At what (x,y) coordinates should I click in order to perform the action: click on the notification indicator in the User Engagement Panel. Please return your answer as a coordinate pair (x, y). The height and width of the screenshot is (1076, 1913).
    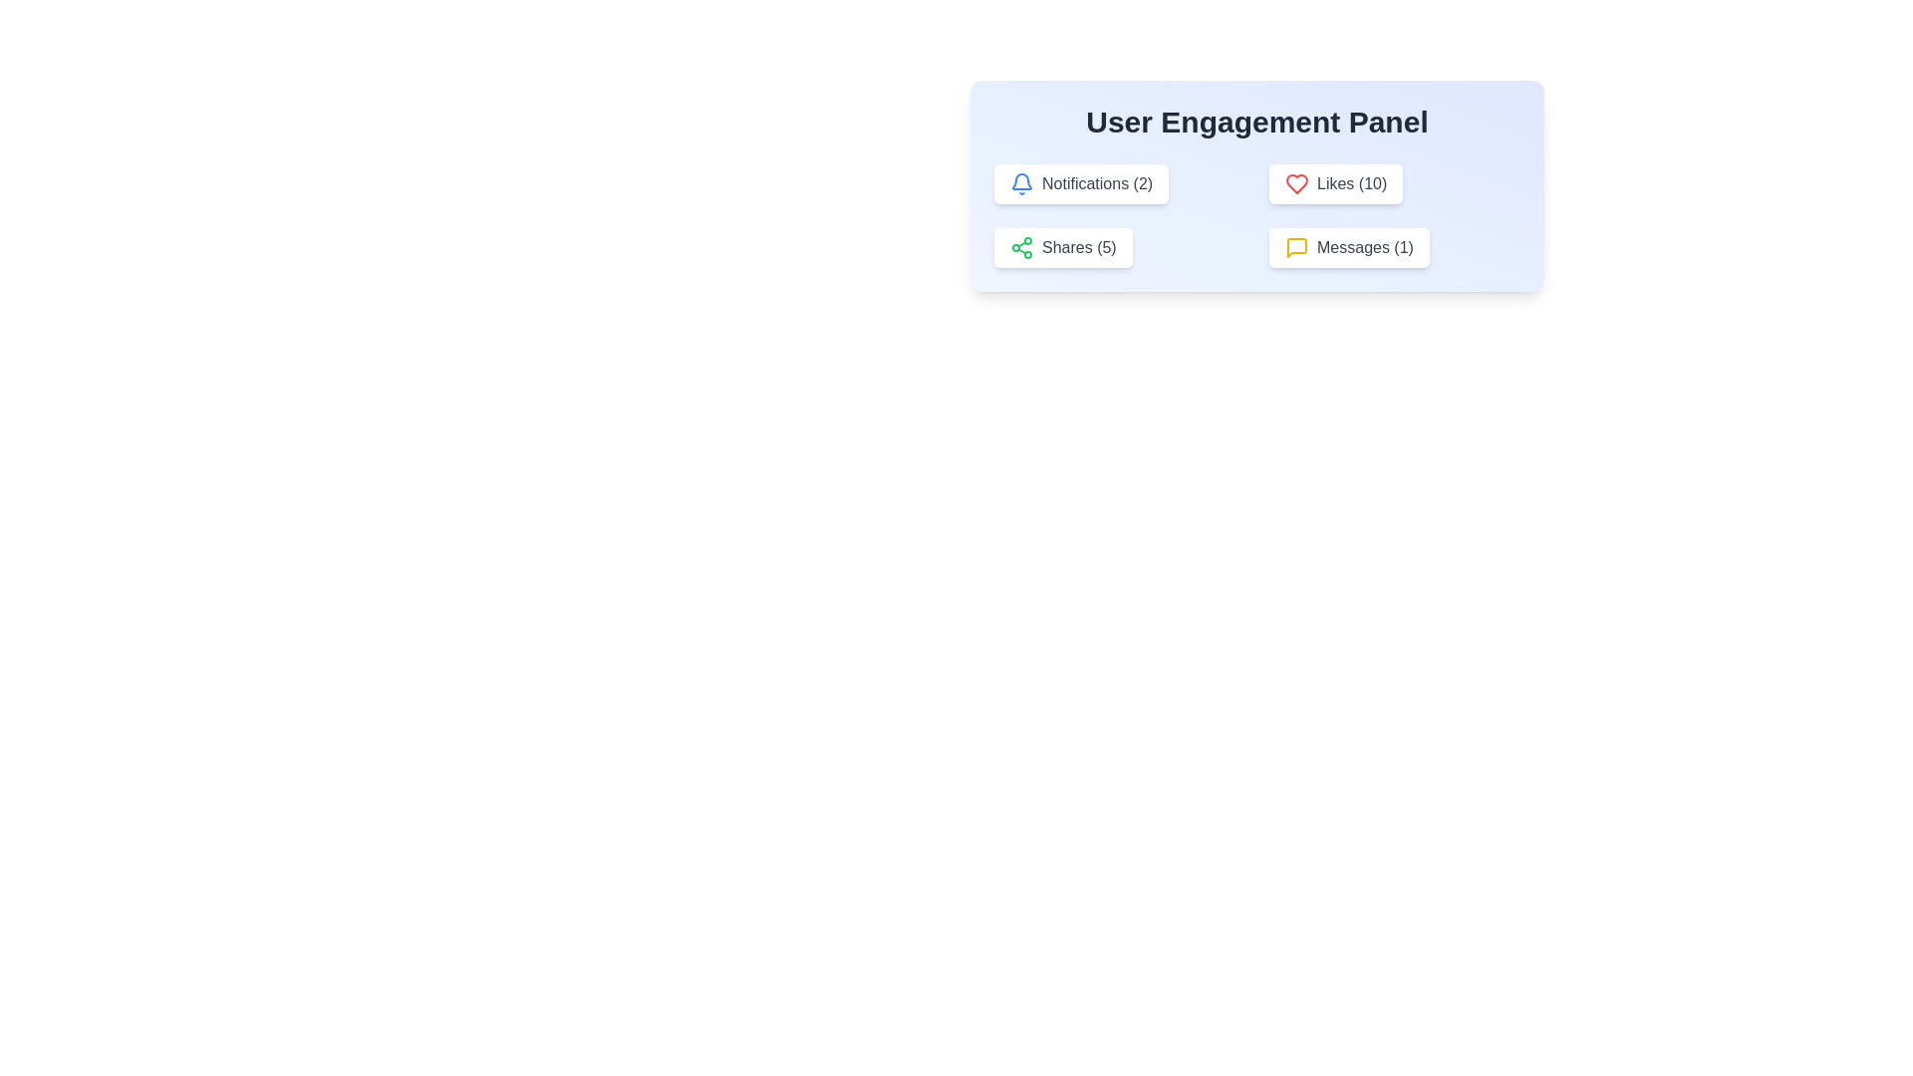
    Looking at the image, I should click on (1119, 184).